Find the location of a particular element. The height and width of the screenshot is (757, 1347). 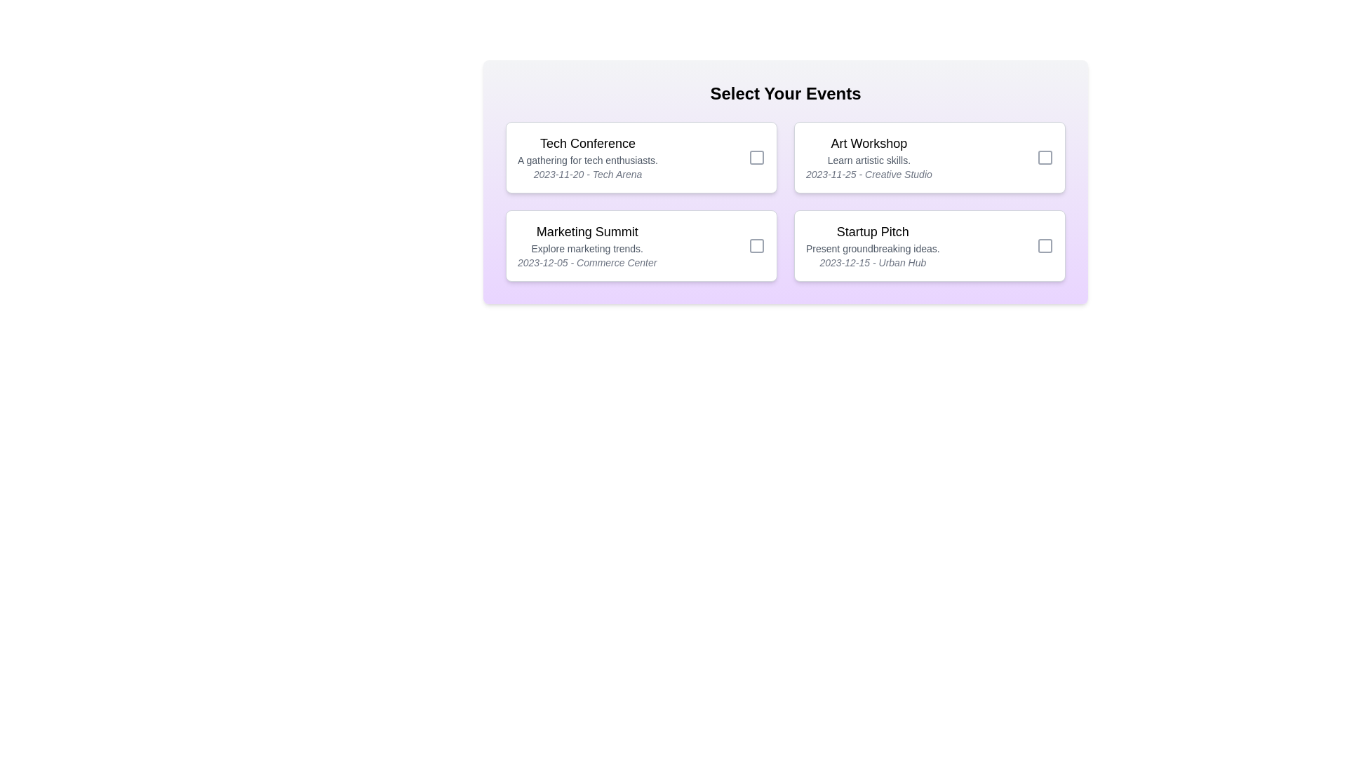

the card corresponding to Art Workshop is located at coordinates (930, 157).